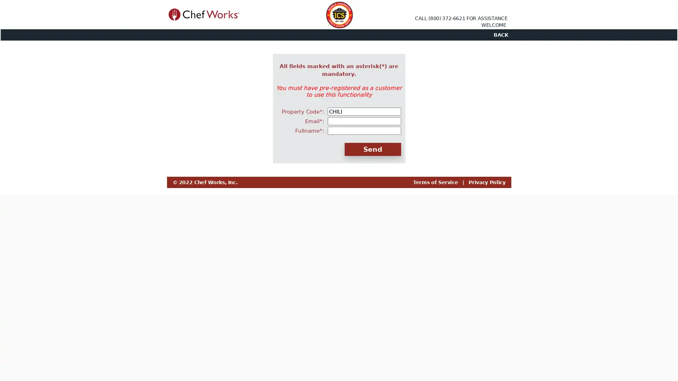  I want to click on BACK, so click(500, 35).